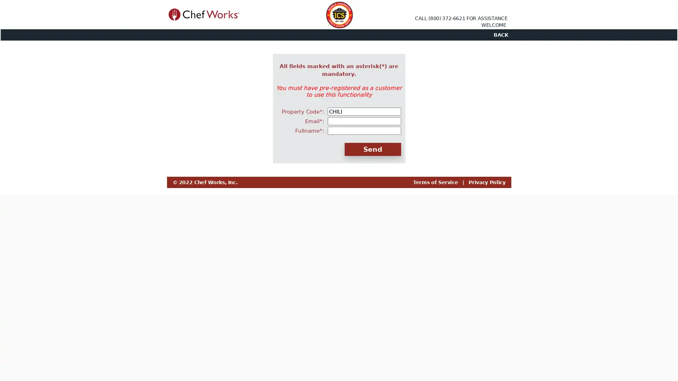  I want to click on BACK, so click(500, 35).